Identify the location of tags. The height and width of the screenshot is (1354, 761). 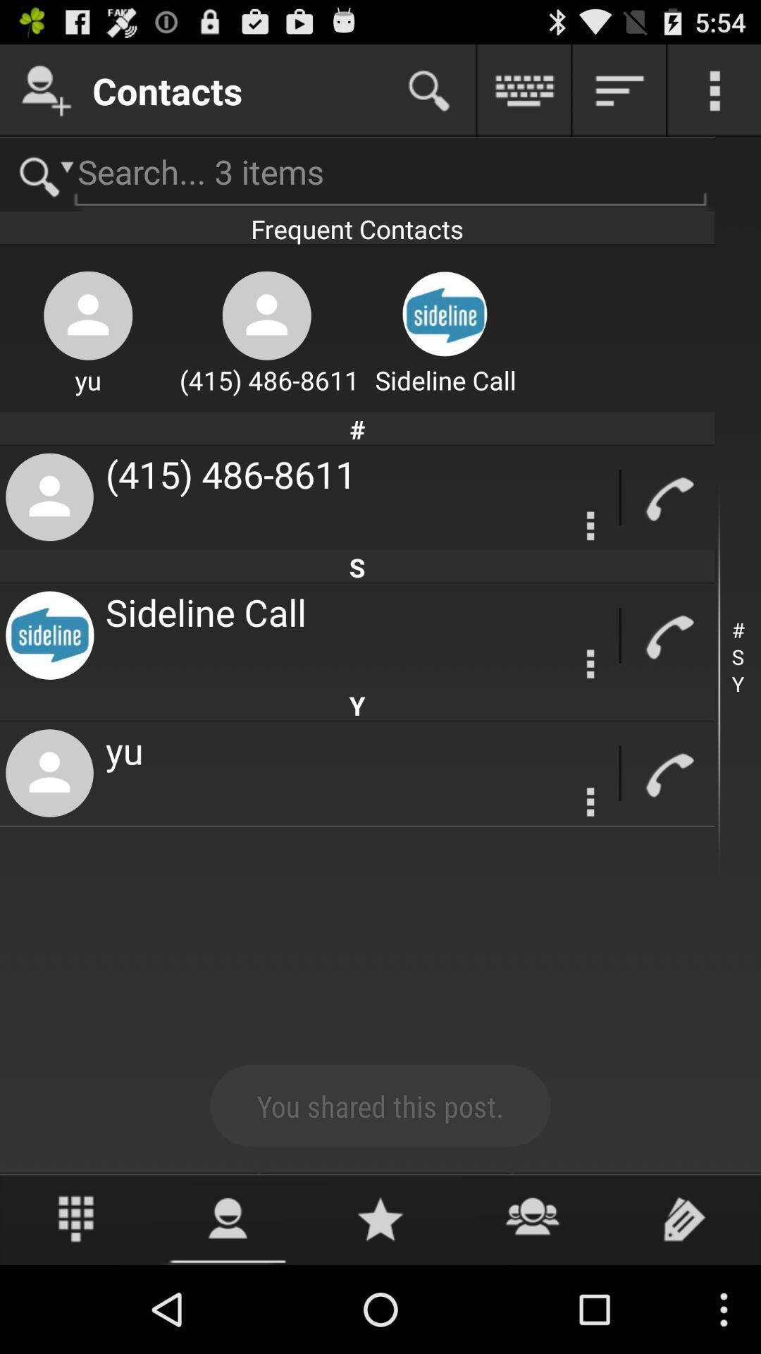
(684, 1218).